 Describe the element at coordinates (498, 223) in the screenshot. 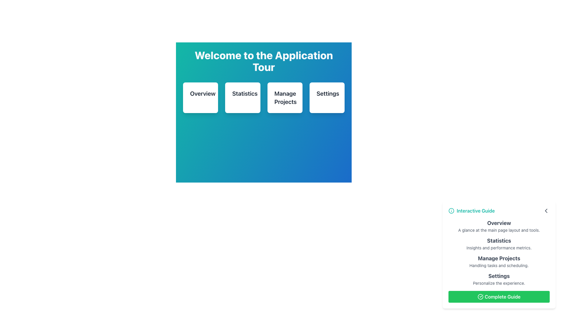

I see `the section header Text label that introduces the content or functionality described in the subsequent text` at that location.